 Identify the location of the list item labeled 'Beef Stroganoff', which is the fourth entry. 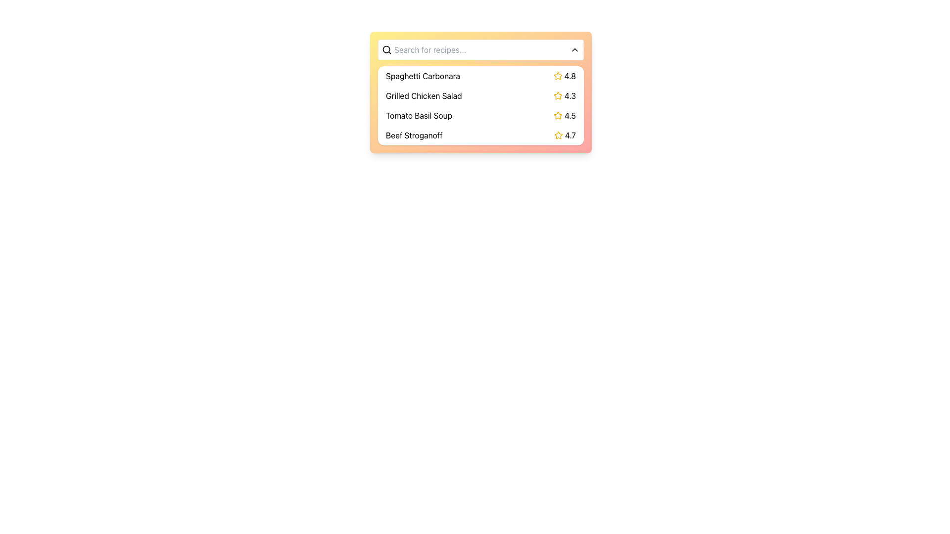
(480, 135).